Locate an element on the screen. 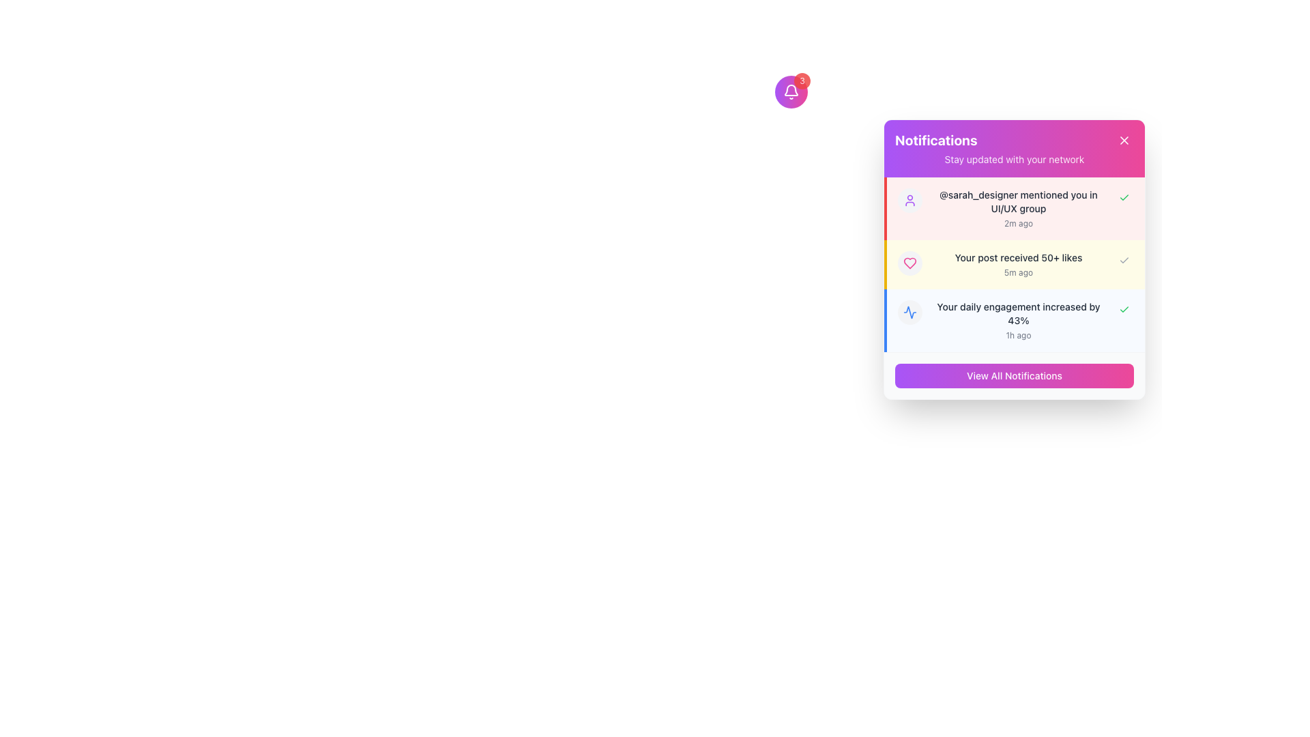 Image resolution: width=1310 pixels, height=737 pixels. the notification read/unread toggle button located at the rightmost side of the notification entry stating 'Your post received 50+ likes' is located at coordinates (1124, 260).